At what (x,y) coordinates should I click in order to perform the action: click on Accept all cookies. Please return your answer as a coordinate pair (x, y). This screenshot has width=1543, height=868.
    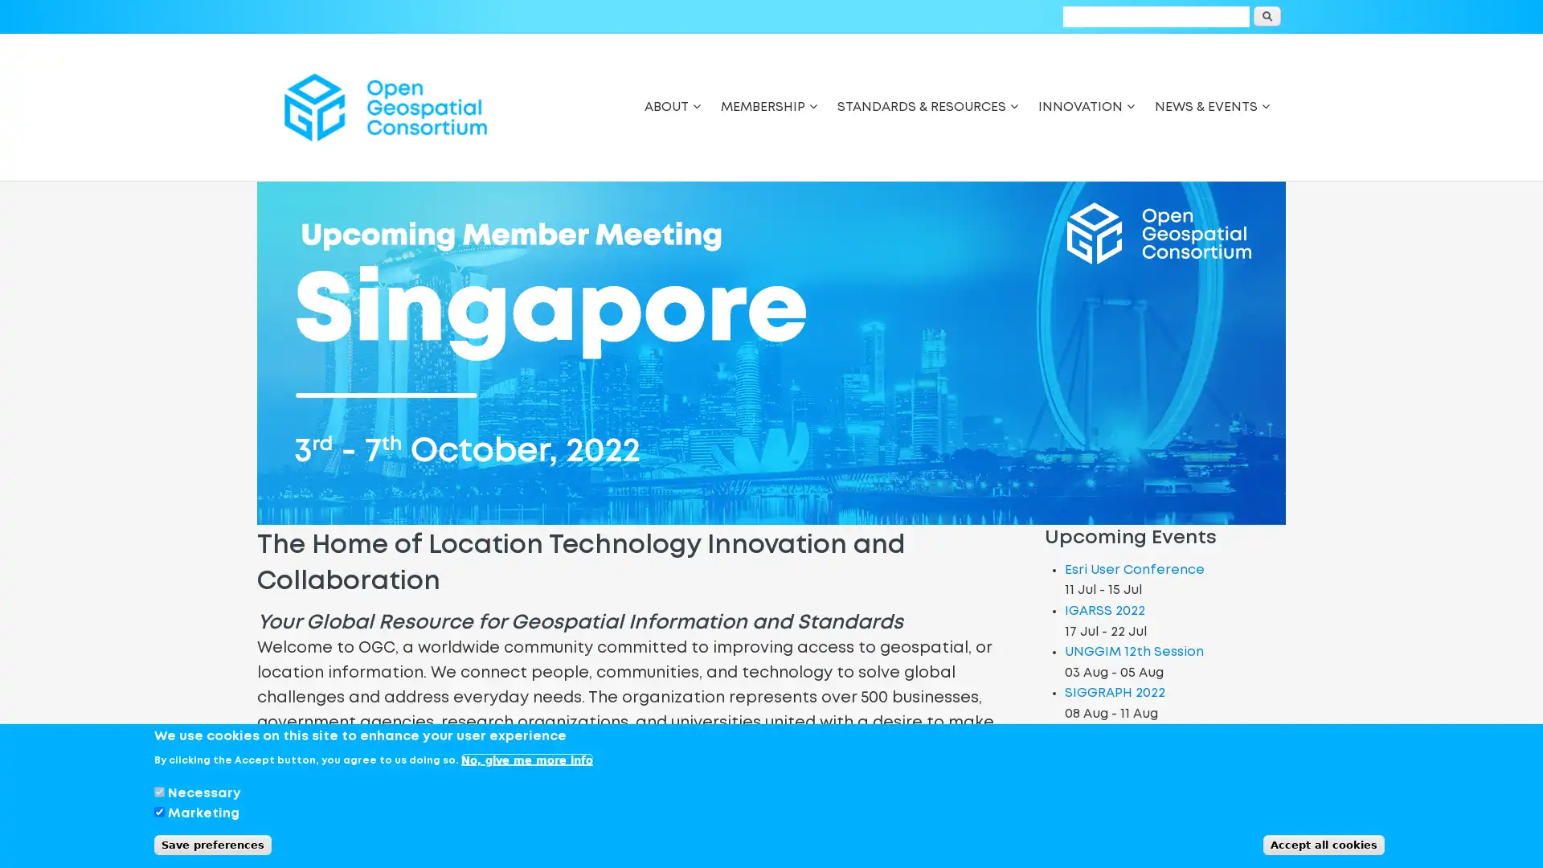
    Looking at the image, I should click on (1324, 844).